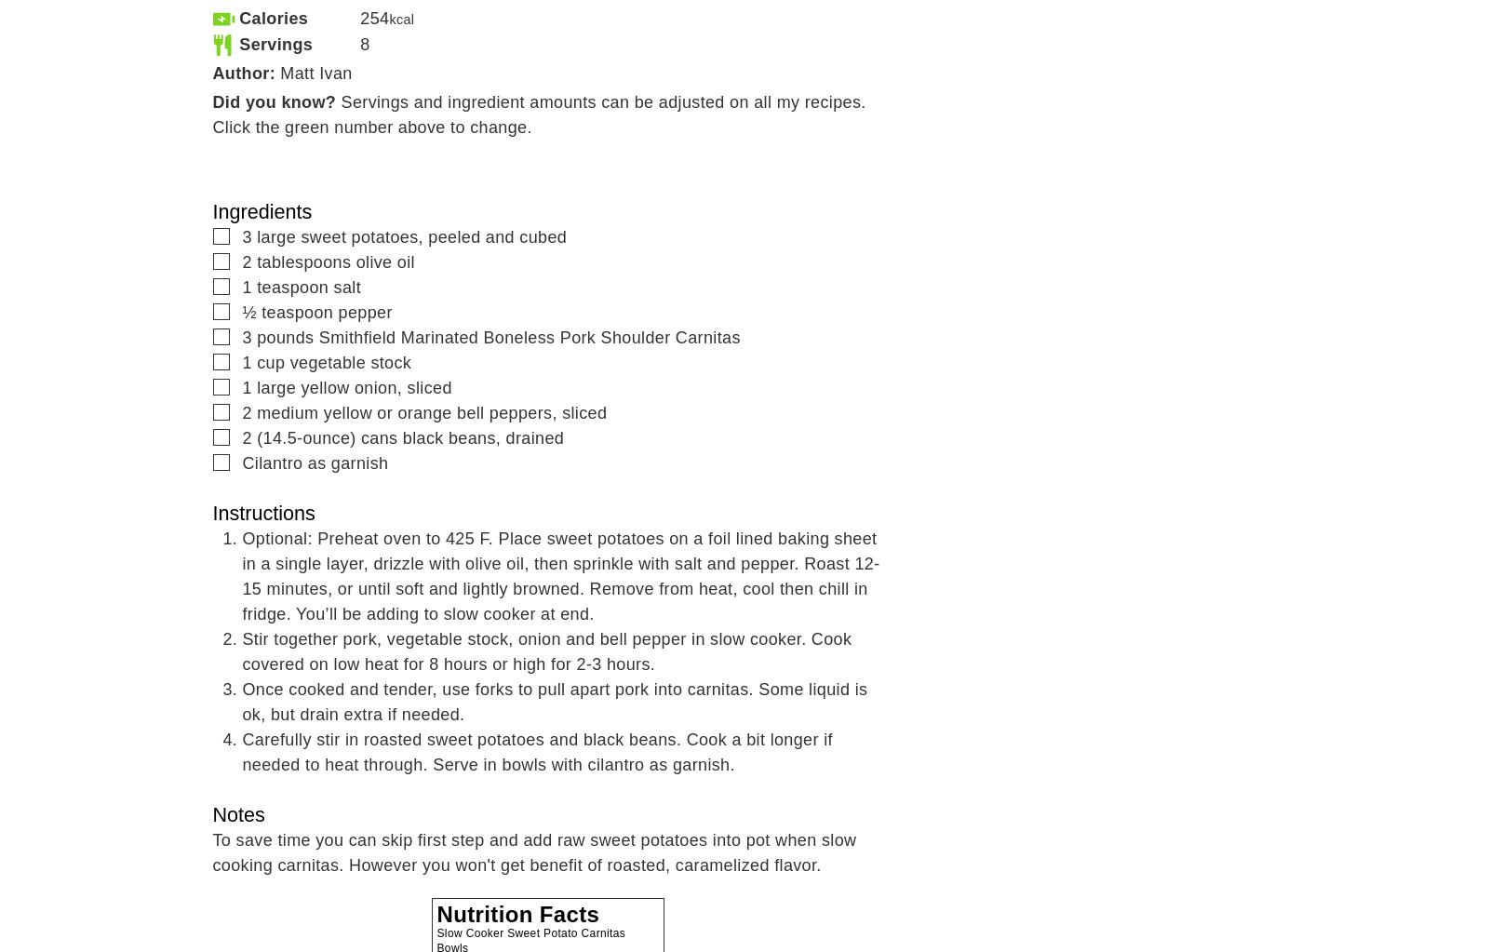  Describe the element at coordinates (238, 814) in the screenshot. I see `'Notes'` at that location.